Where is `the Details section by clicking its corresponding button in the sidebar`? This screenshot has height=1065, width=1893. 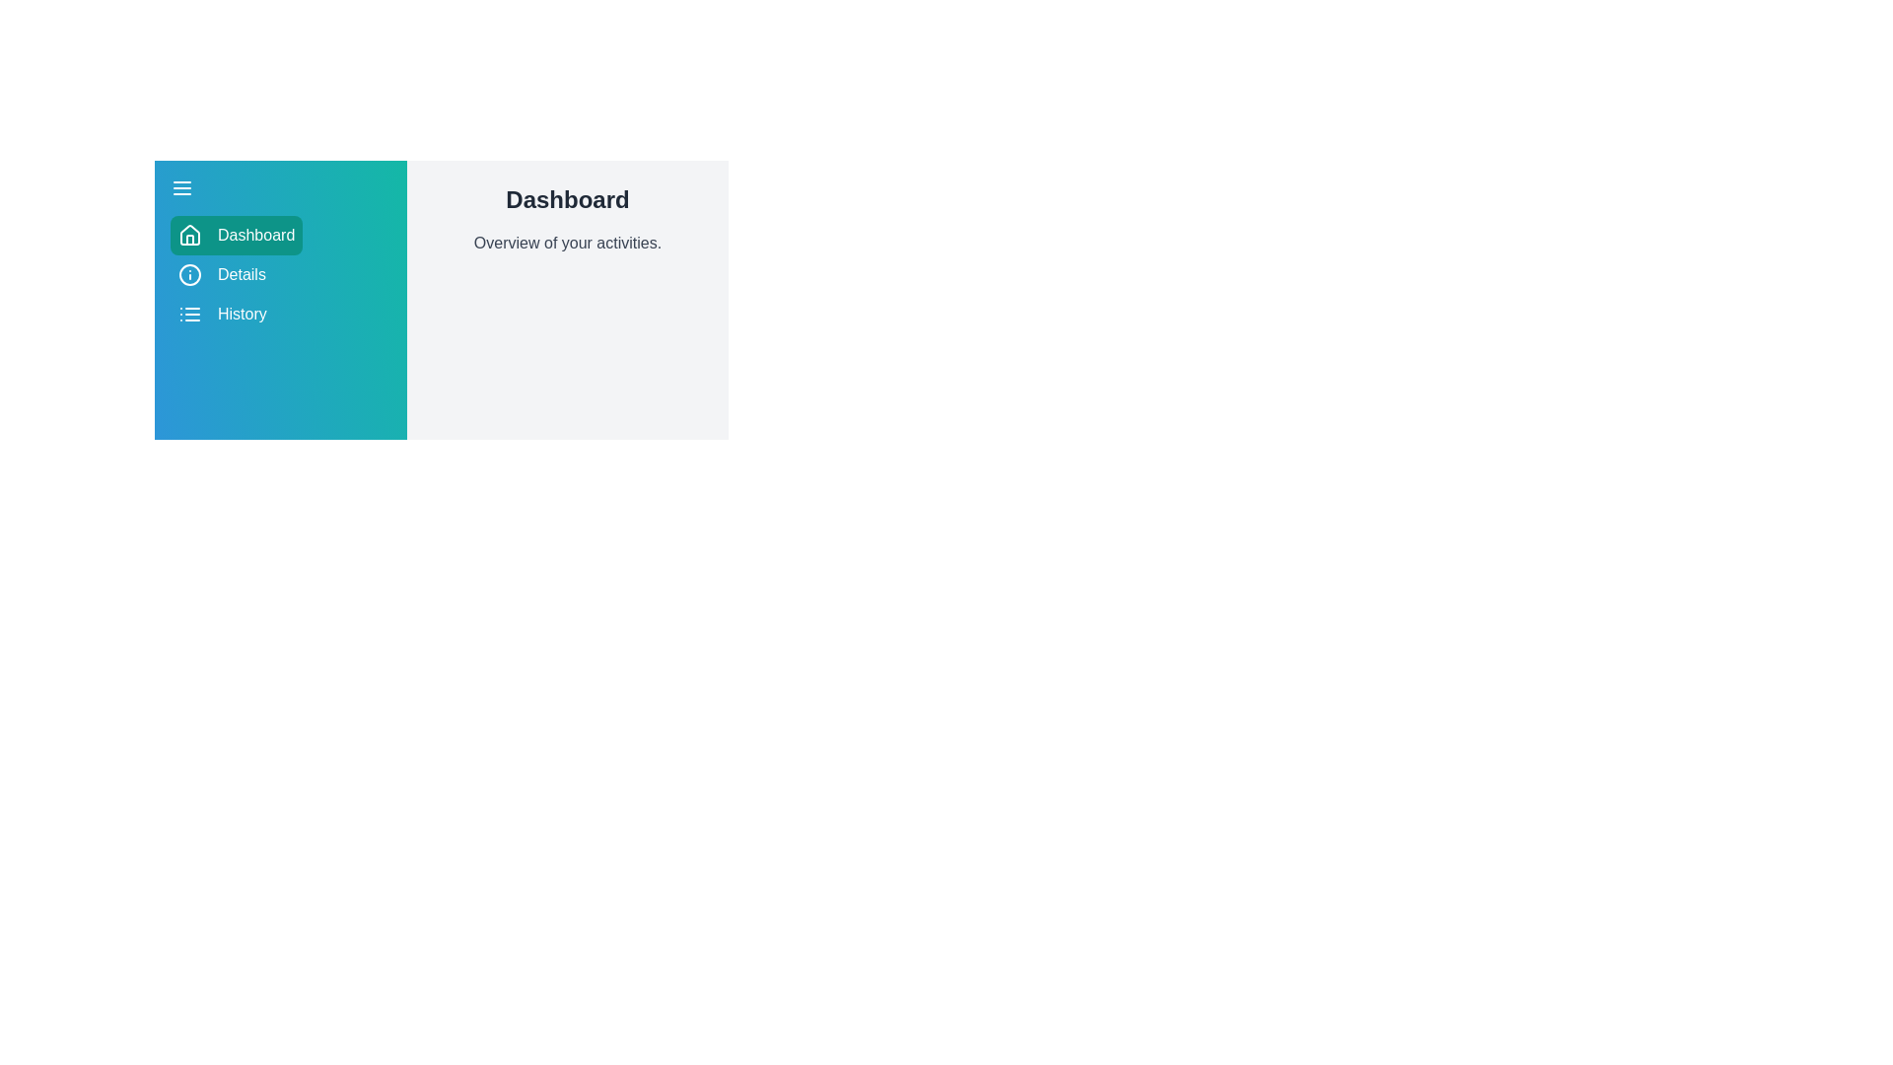
the Details section by clicking its corresponding button in the sidebar is located at coordinates (222, 274).